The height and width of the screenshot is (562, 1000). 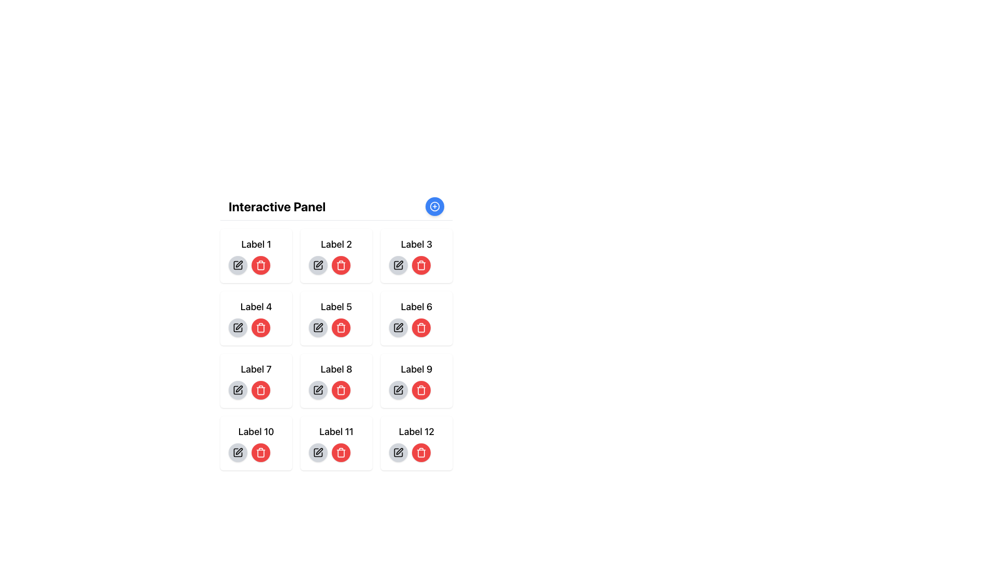 What do you see at coordinates (317, 390) in the screenshot?
I see `the circular gray button with a pen icon in the center` at bounding box center [317, 390].